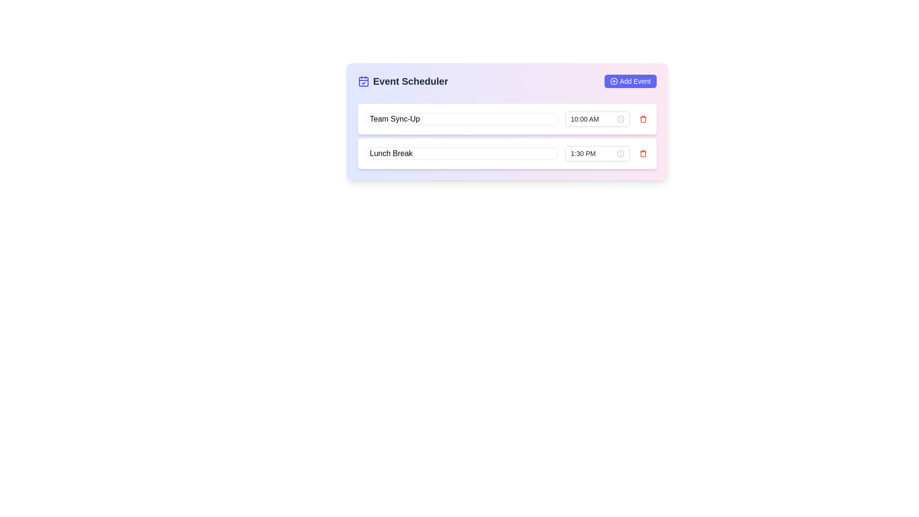 Image resolution: width=919 pixels, height=517 pixels. What do you see at coordinates (592, 153) in the screenshot?
I see `the text input field displaying '1:30 PM'` at bounding box center [592, 153].